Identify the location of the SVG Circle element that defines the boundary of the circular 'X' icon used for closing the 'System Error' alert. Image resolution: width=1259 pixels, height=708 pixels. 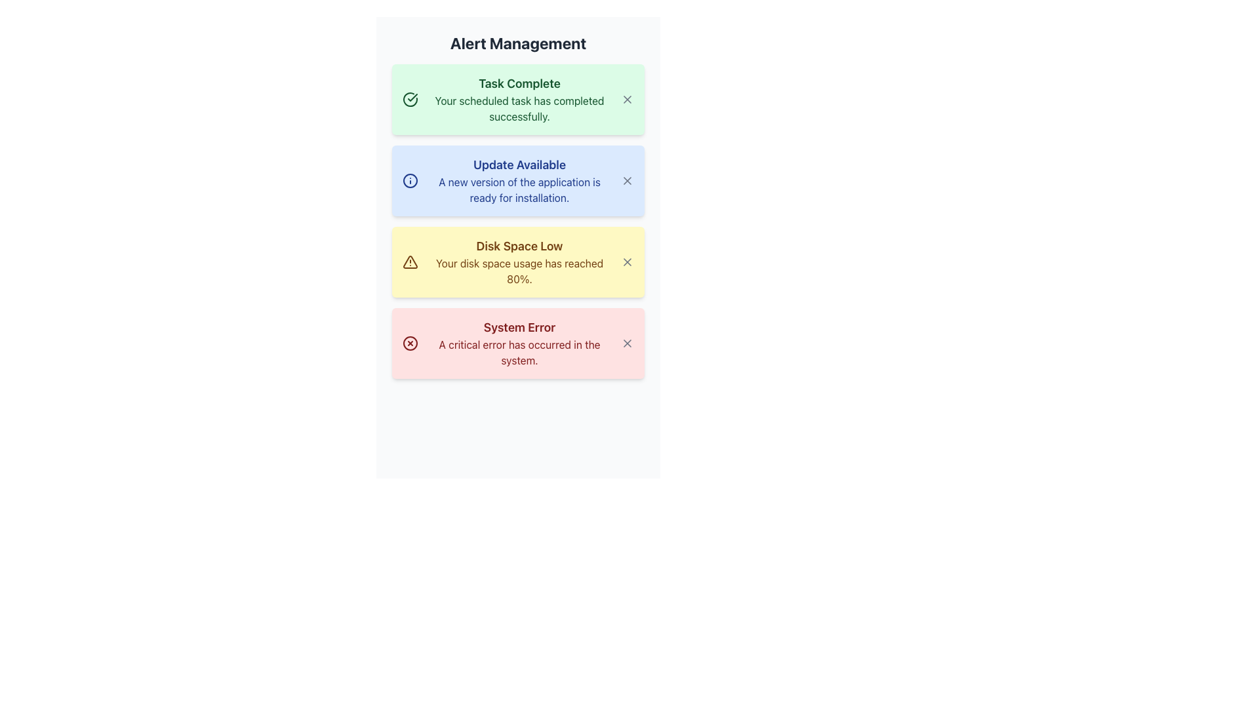
(409, 343).